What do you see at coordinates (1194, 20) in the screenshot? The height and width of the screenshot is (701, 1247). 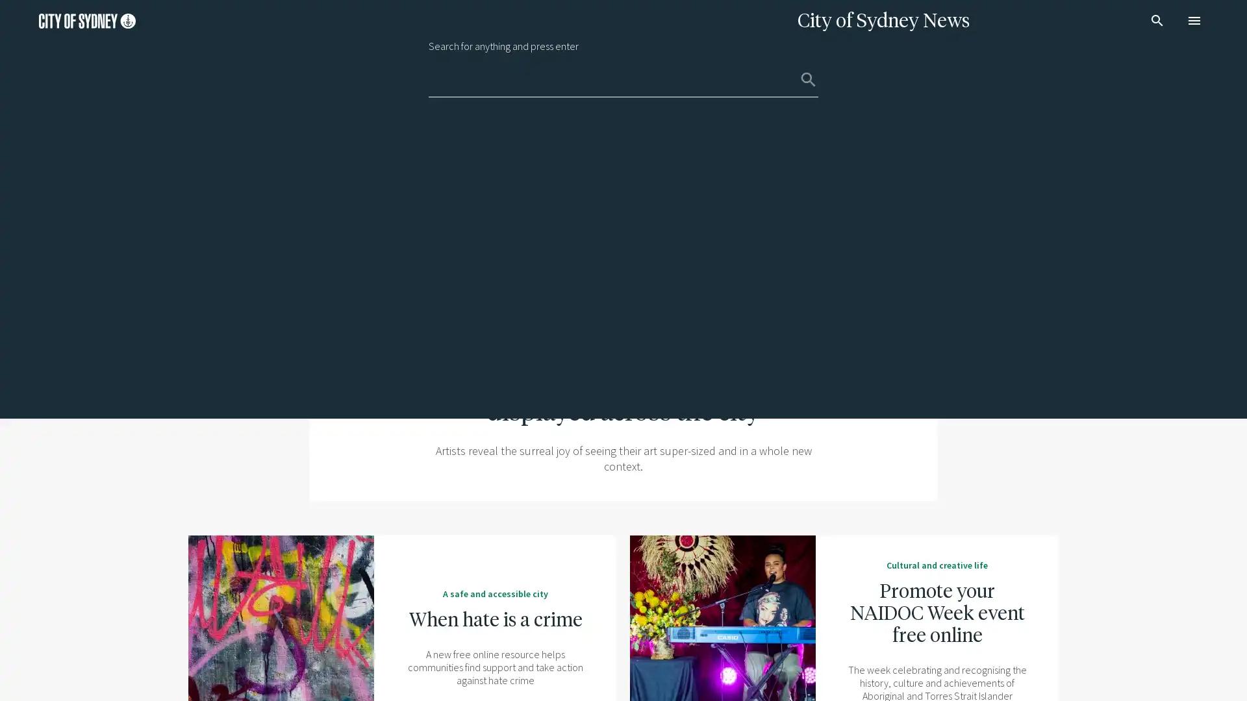 I see `menu` at bounding box center [1194, 20].